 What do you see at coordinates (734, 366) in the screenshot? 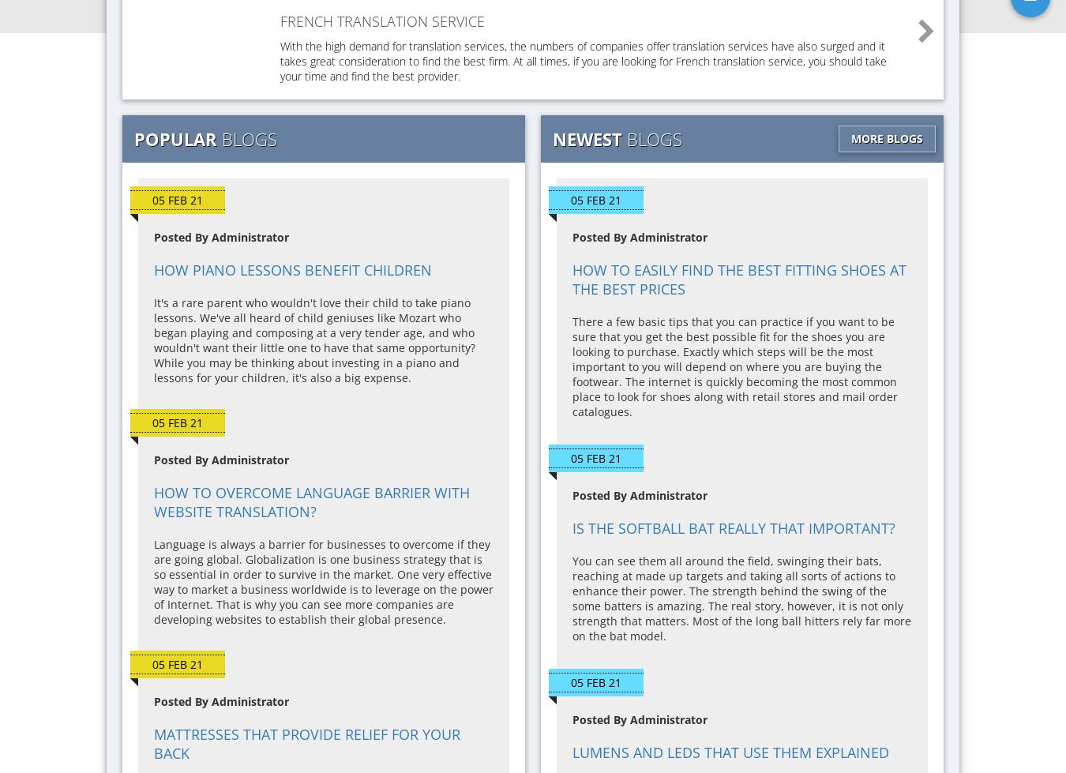
I see `'There a few basic tips that you can practice if you want to be sure that you get the best possible fit for the shoes you are looking to purchase. Exactly which steps will be the most important to you will depend on where you are buying the footwear. The internet is quickly becoming the most common place to look for shoes along with retail stores and mail order catalogues.'` at bounding box center [734, 366].